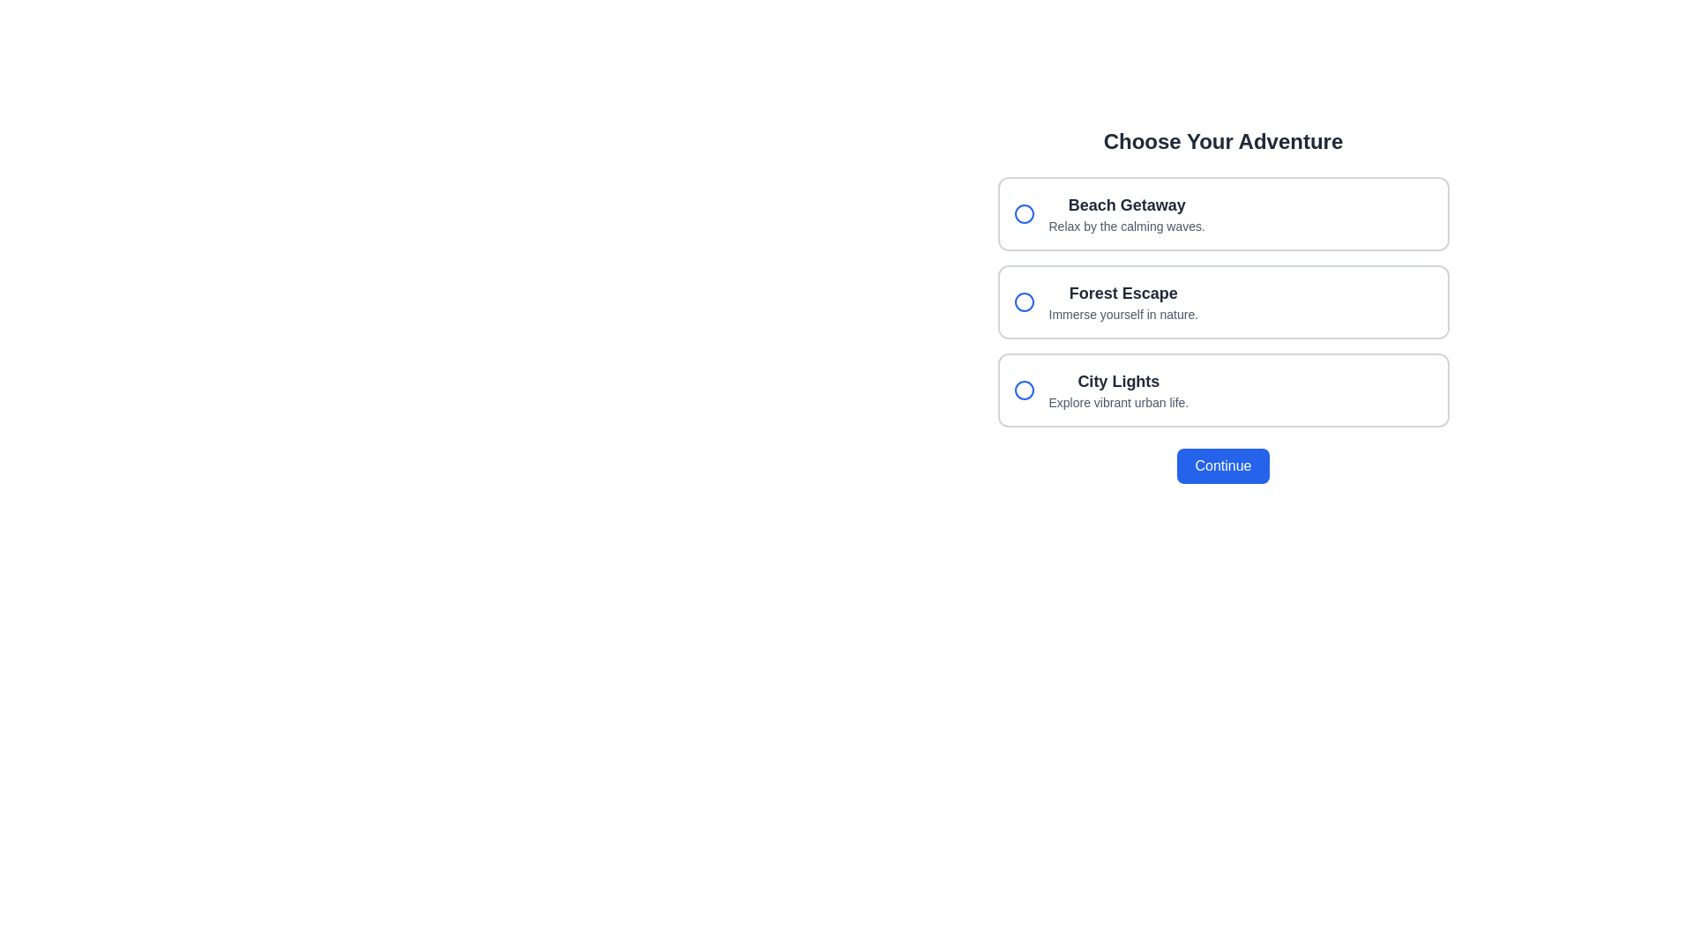 Image resolution: width=1693 pixels, height=952 pixels. I want to click on the confirmation button located below the options 'Beach Getaway', 'Forest Escape', and 'City Lights' in the layout, so click(1222, 465).